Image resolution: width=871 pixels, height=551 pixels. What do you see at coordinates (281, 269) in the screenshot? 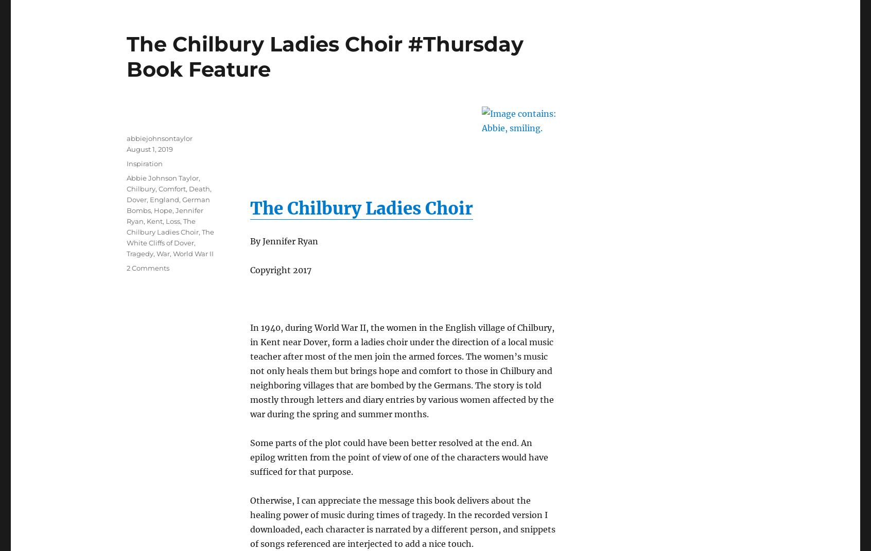
I see `'Copyright 2017'` at bounding box center [281, 269].